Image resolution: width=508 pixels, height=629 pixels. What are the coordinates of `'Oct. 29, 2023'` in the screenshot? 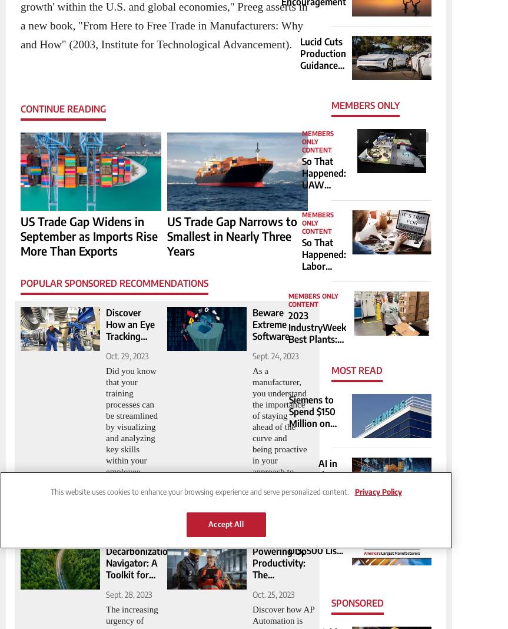 It's located at (127, 355).